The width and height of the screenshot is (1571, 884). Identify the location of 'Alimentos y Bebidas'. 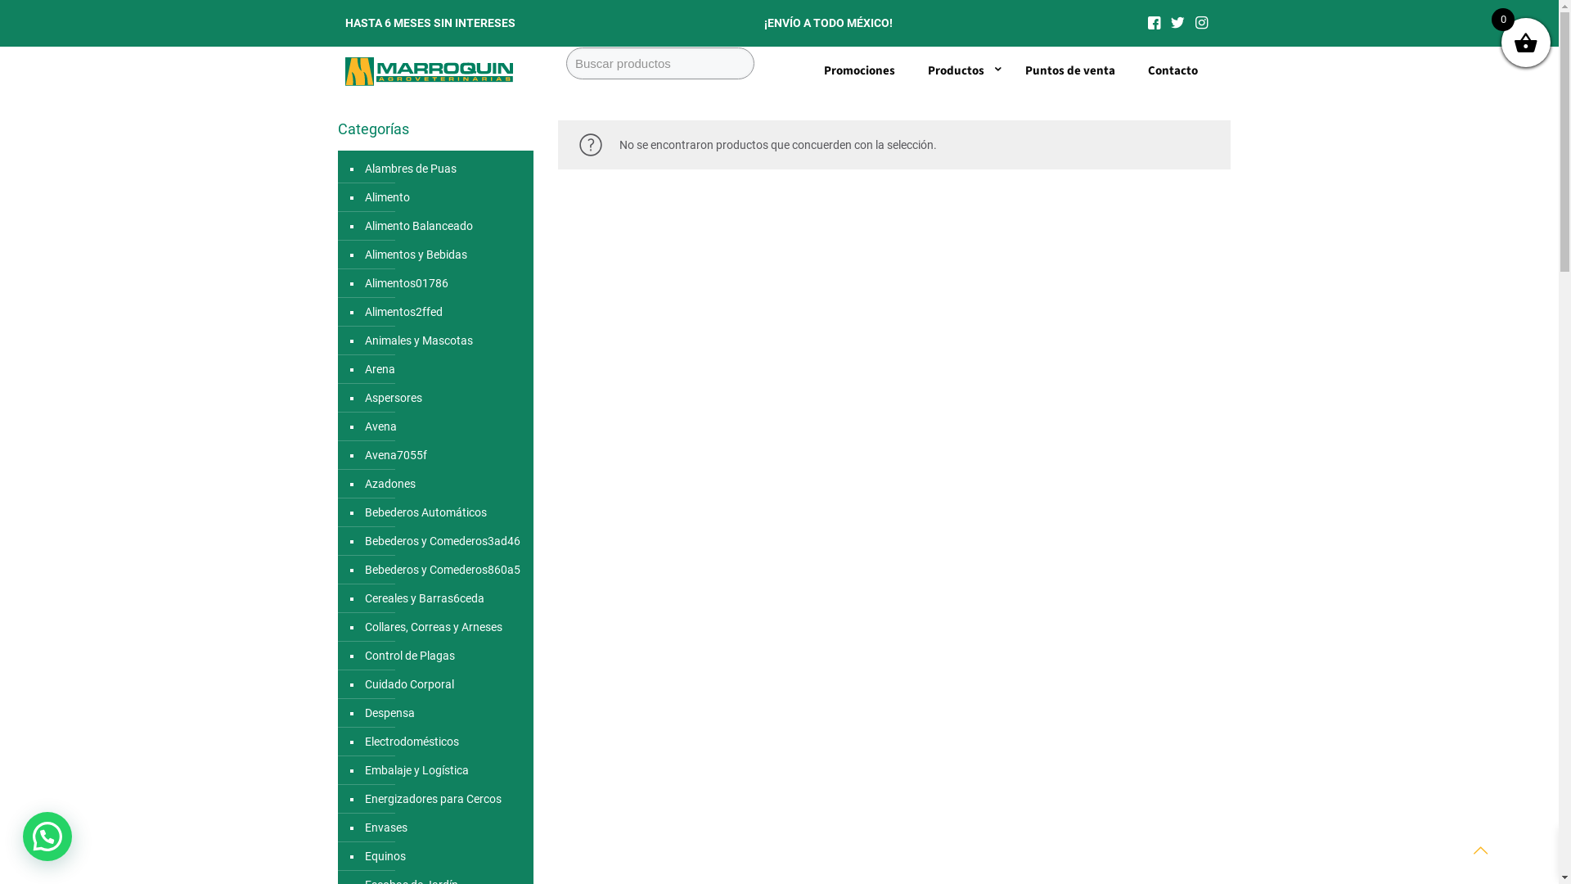
(443, 255).